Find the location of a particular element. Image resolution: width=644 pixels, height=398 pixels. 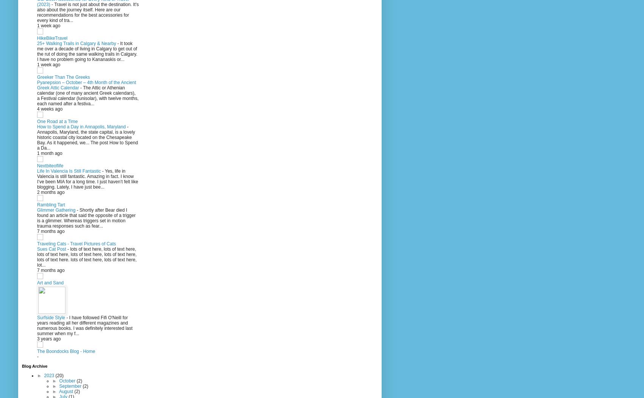

'Glimmer Gathering' is located at coordinates (56, 210).